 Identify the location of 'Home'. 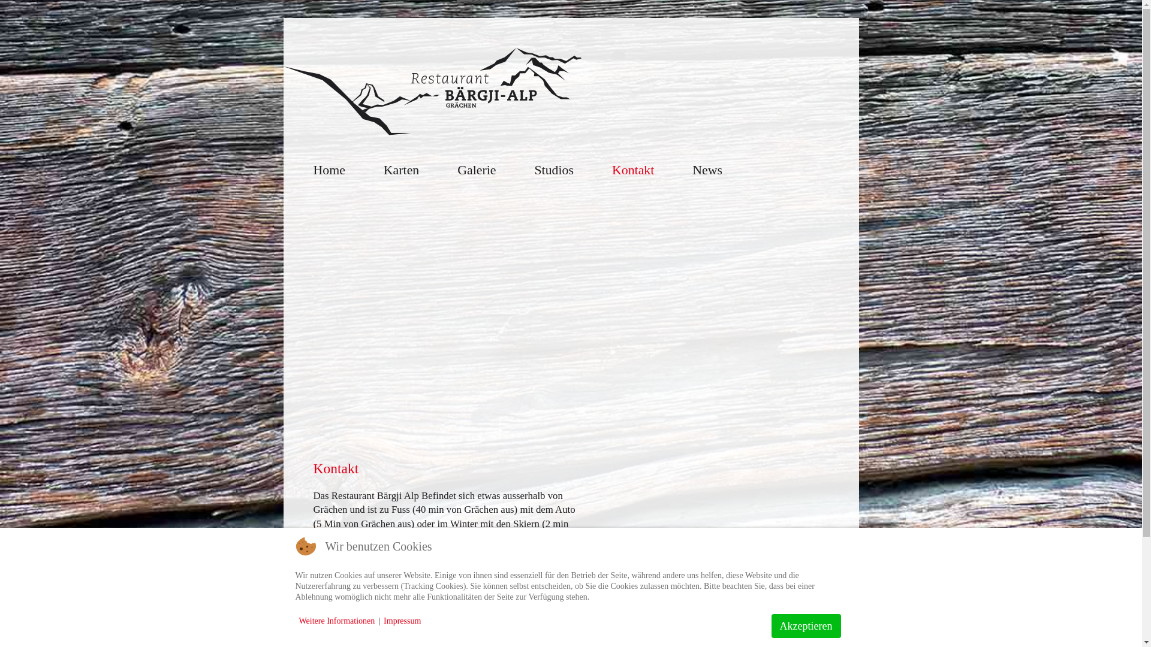
(329, 170).